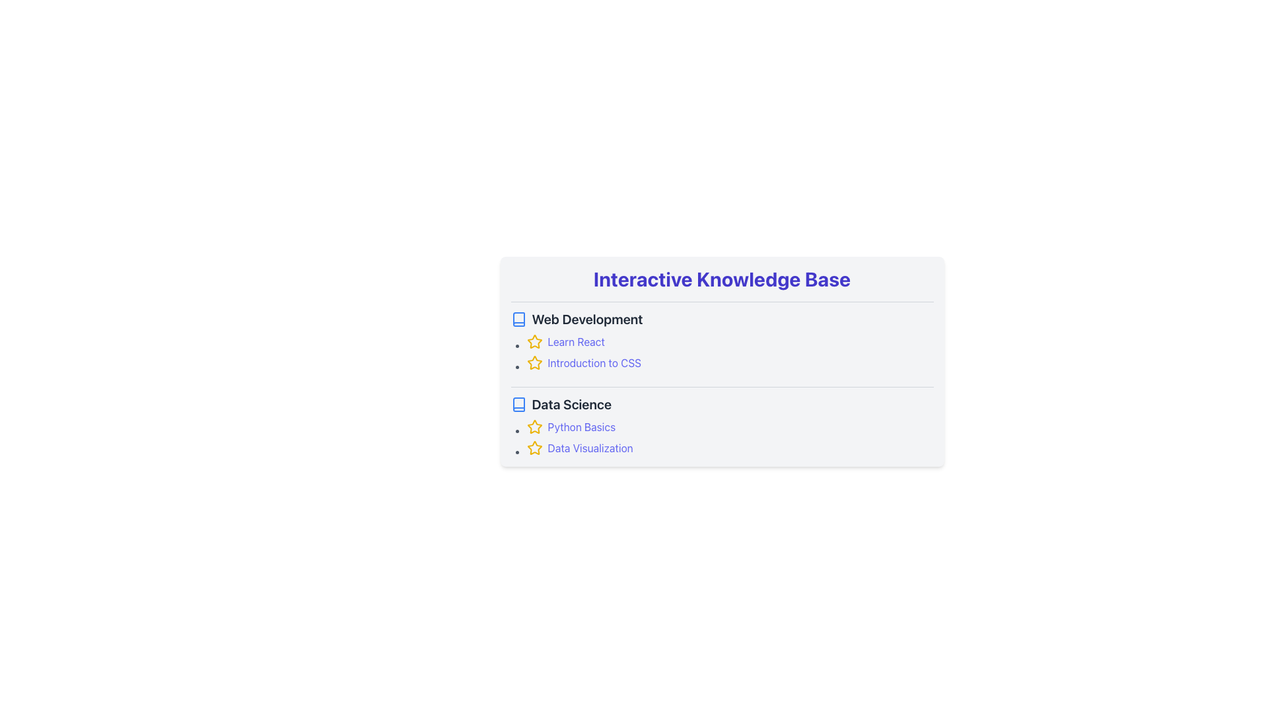 The image size is (1268, 713). I want to click on the blue open book icon located to the left of the 'Data Science' text, so click(518, 404).